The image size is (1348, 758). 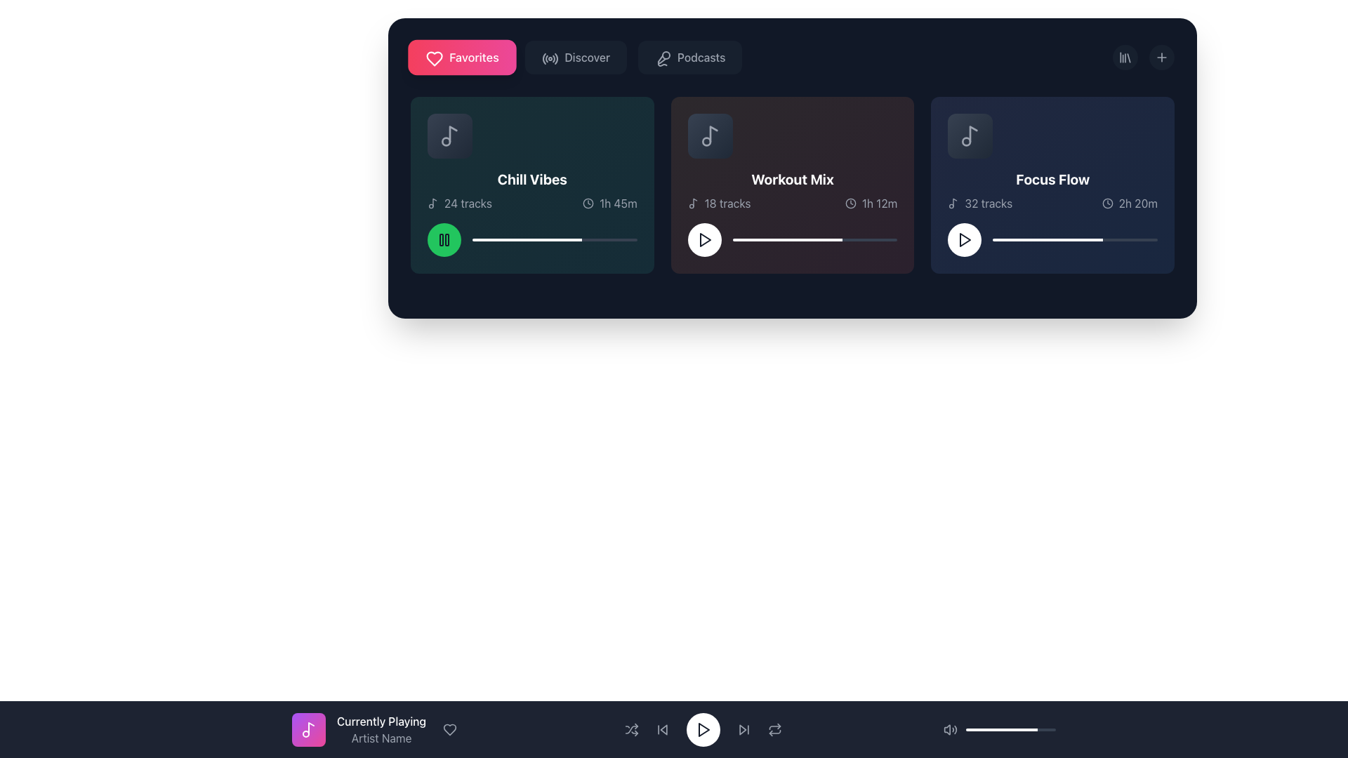 What do you see at coordinates (474, 56) in the screenshot?
I see `the 'Favorites' text label within the navigation button, which is located to the right of a heart-shaped icon in the upper navigation area` at bounding box center [474, 56].